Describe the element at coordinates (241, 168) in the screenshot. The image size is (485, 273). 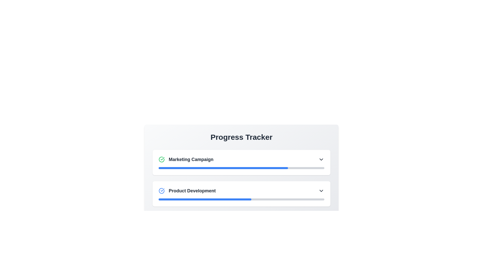
I see `the Progress bar located in the 'Marketing Campaign' section, which visually represents the task's completion progress` at that location.